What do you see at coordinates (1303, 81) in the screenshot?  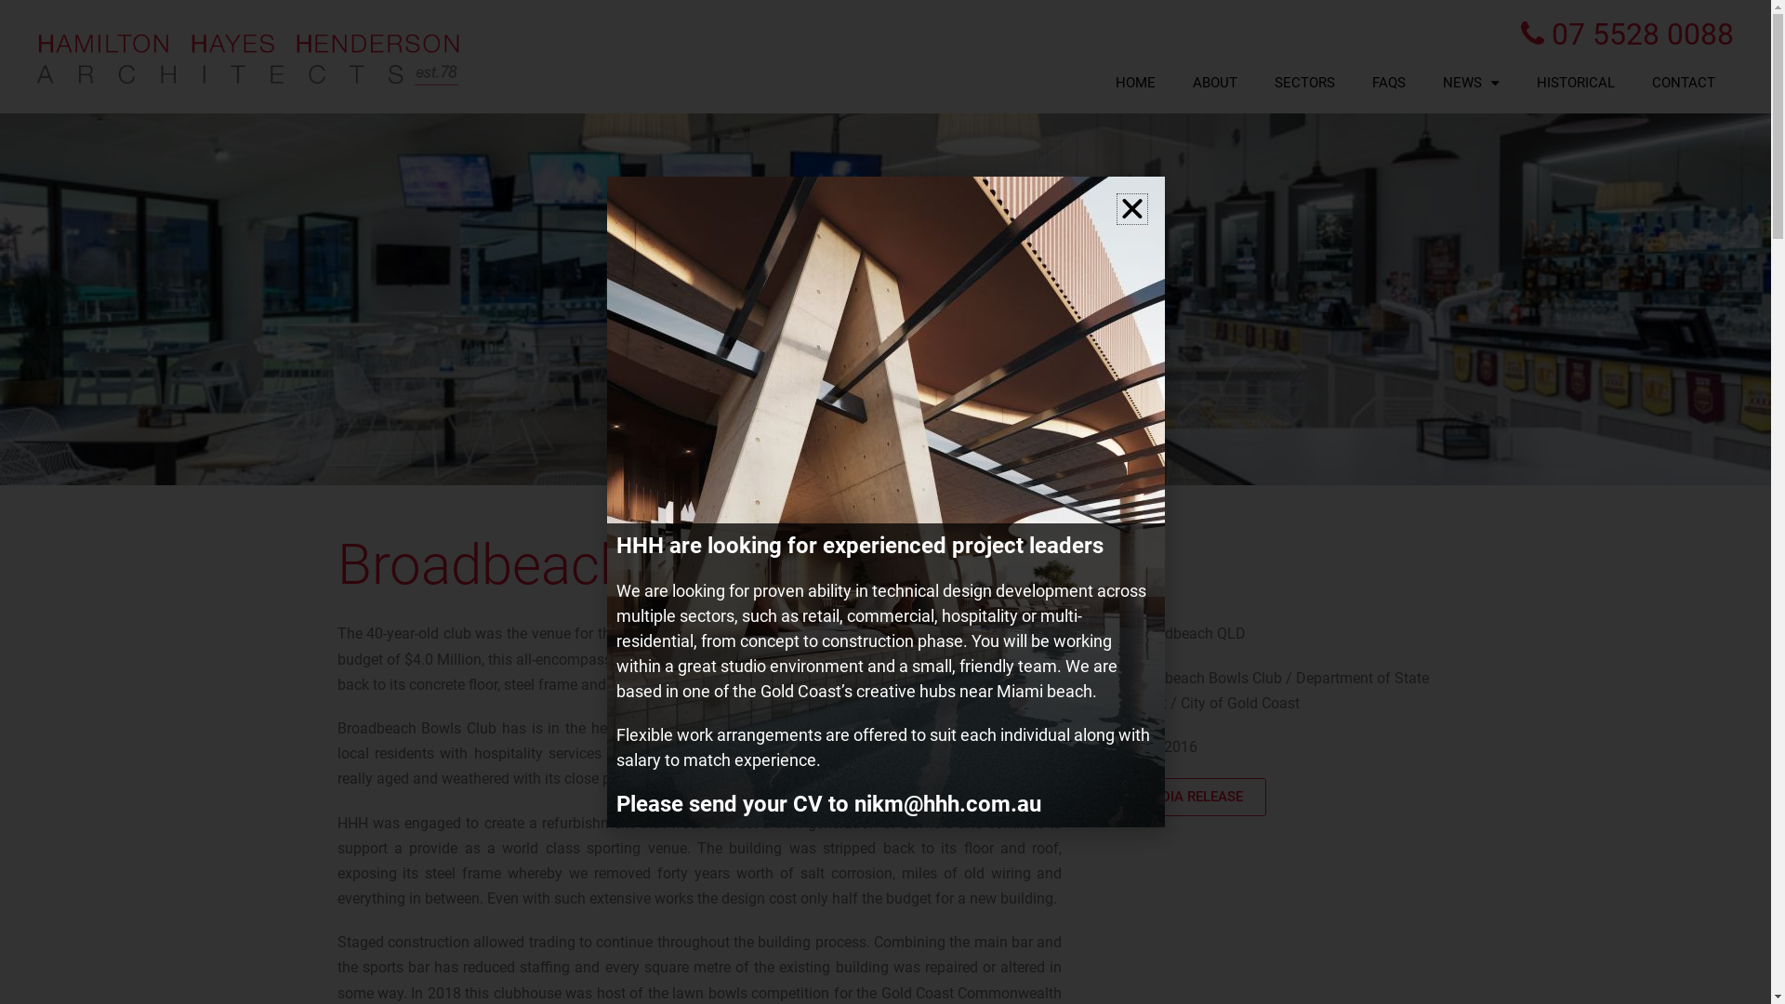 I see `'SECTORS'` at bounding box center [1303, 81].